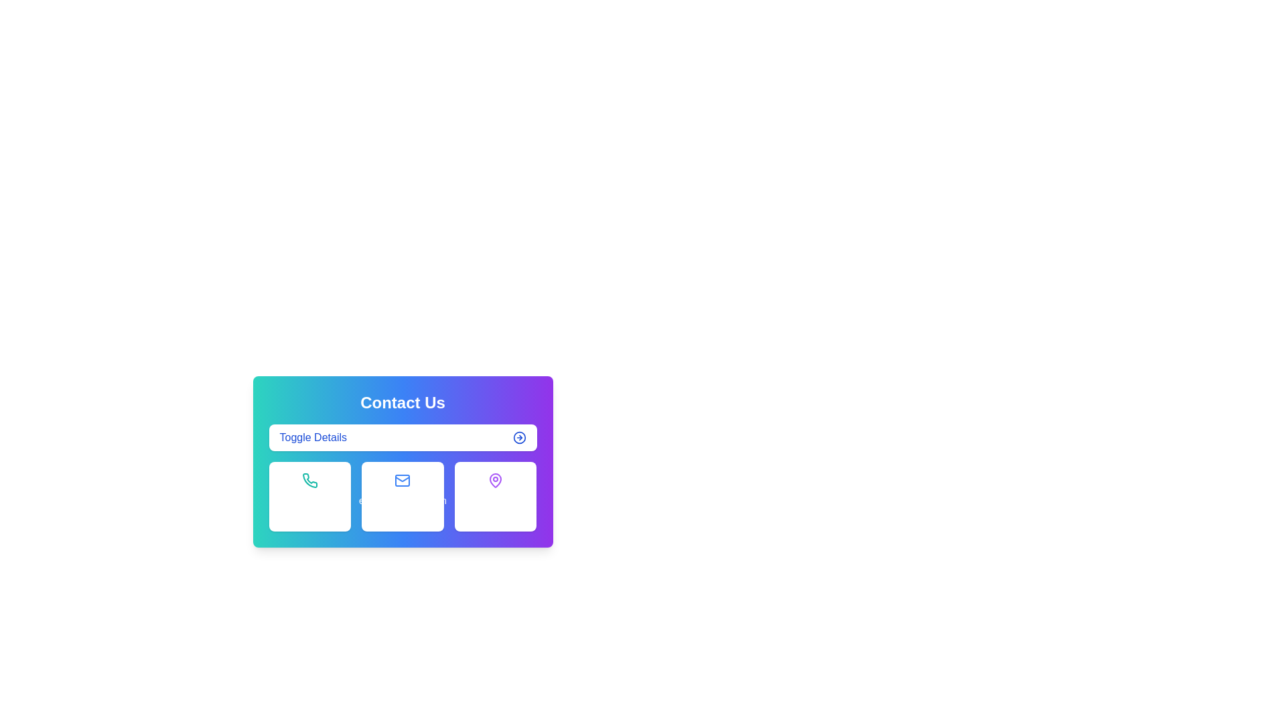 The width and height of the screenshot is (1286, 723). Describe the element at coordinates (309, 496) in the screenshot. I see `phone number displayed on the first contact card, which is located on the left side of the grid within the 'Contact Us' section` at that location.